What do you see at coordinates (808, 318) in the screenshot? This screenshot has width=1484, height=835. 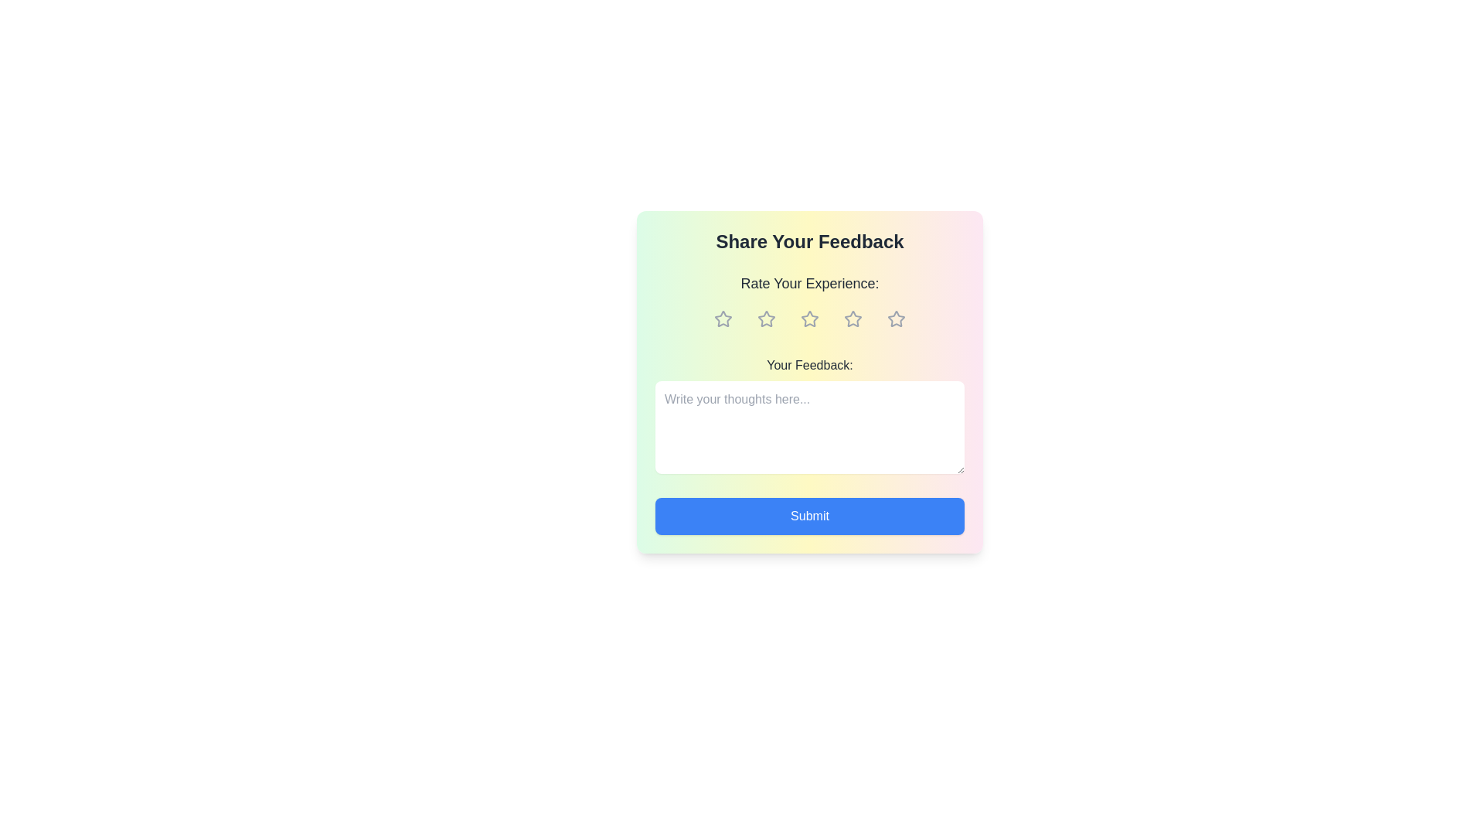 I see `the third star icon in the rating system` at bounding box center [808, 318].